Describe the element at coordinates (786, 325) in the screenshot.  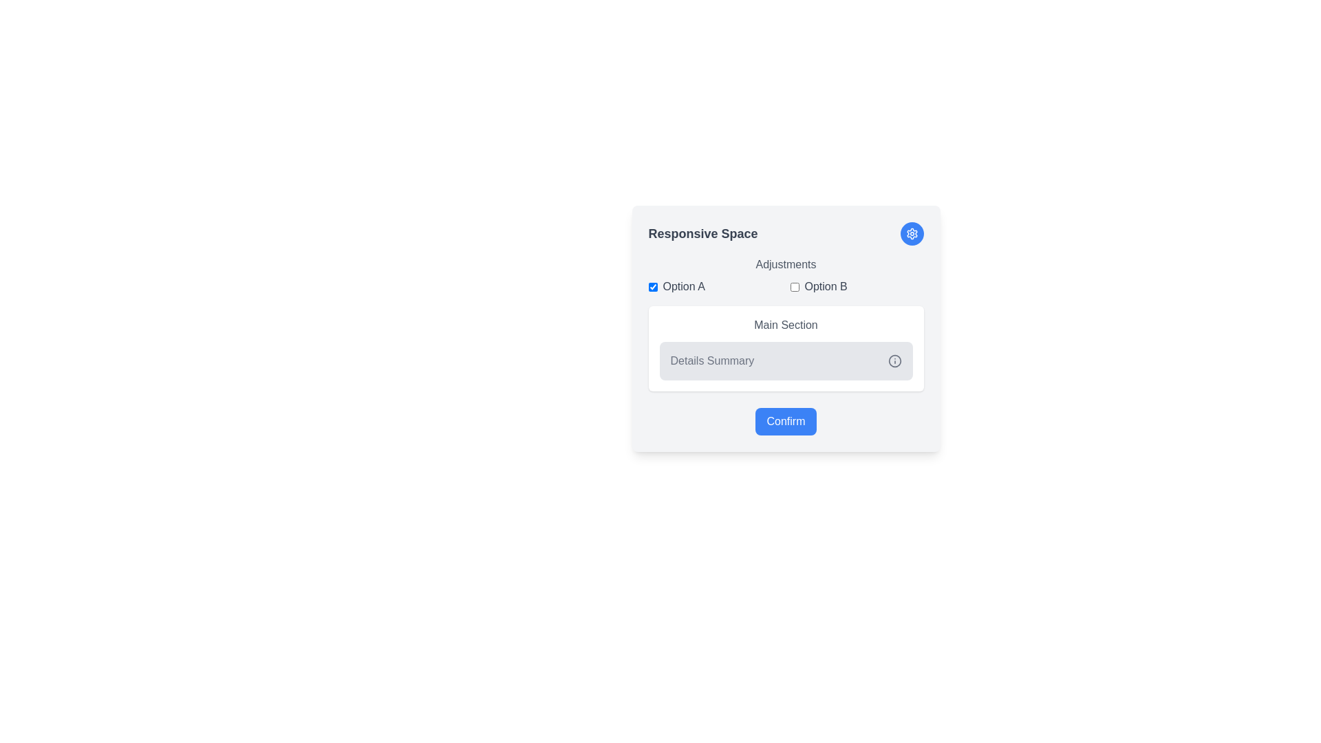
I see `the Text label that indicates the section title for 'Main Section', located above the 'Details Summary' text` at that location.